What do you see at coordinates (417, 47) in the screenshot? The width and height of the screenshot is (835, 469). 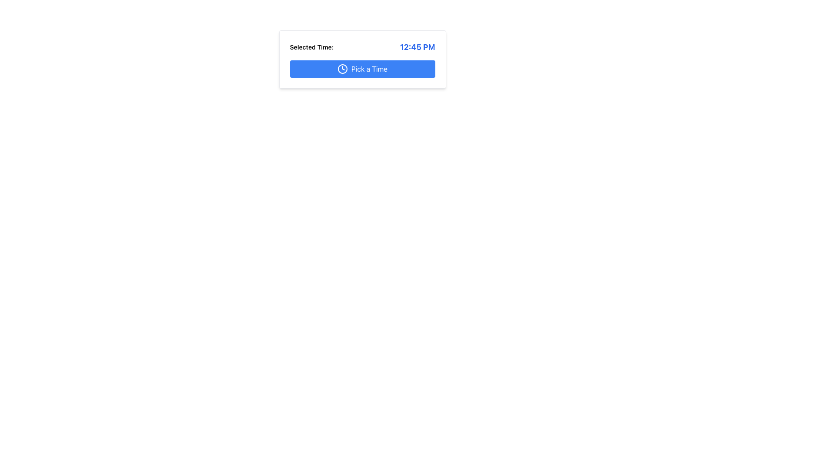 I see `the Text Label displaying '12:45 PM' in bold and large blue font, indicating the currently selected time` at bounding box center [417, 47].